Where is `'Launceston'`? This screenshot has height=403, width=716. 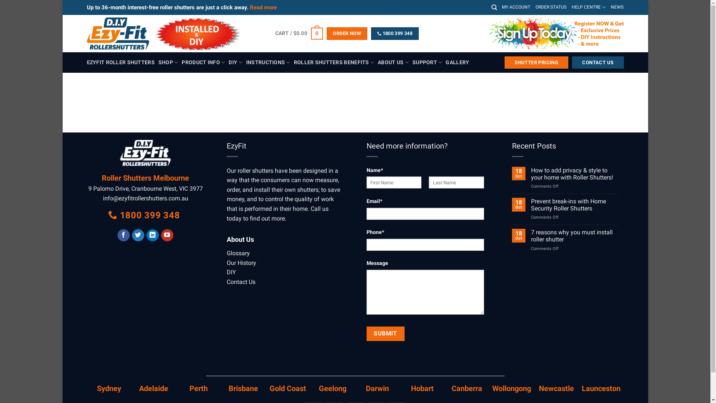
'Launceston' is located at coordinates (601, 388).